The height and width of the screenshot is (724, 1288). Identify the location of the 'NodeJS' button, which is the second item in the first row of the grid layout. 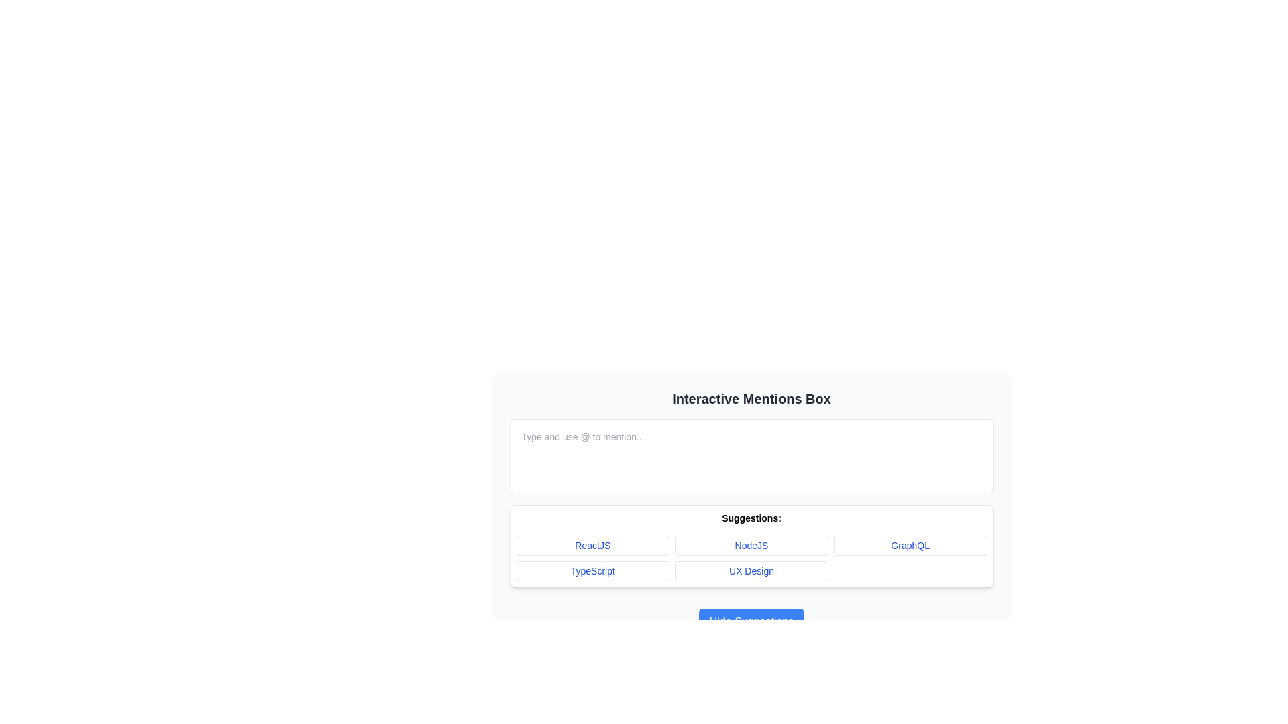
(751, 545).